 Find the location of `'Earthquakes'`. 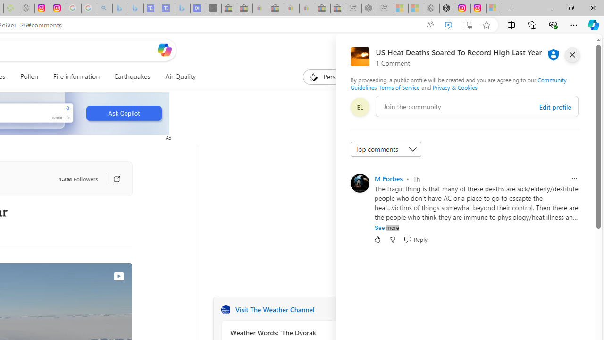

'Earthquakes' is located at coordinates (132, 76).